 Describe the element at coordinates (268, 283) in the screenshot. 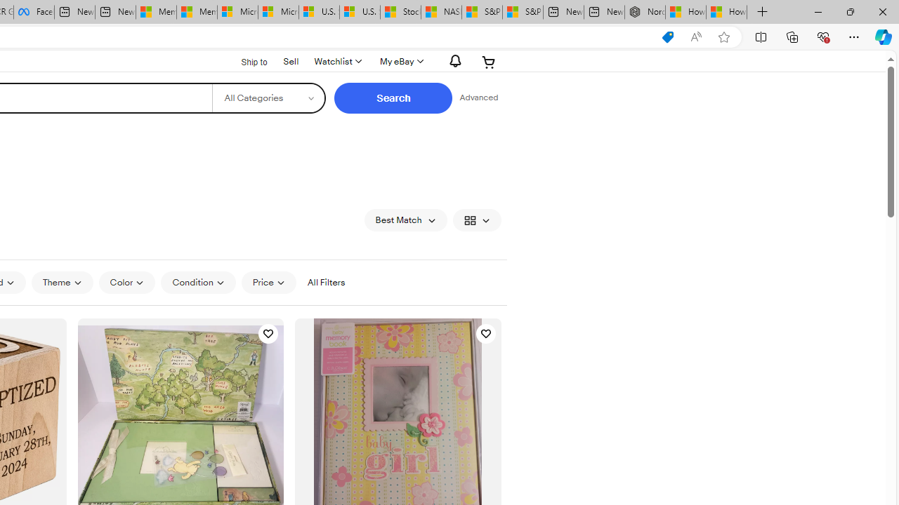

I see `'Price'` at that location.